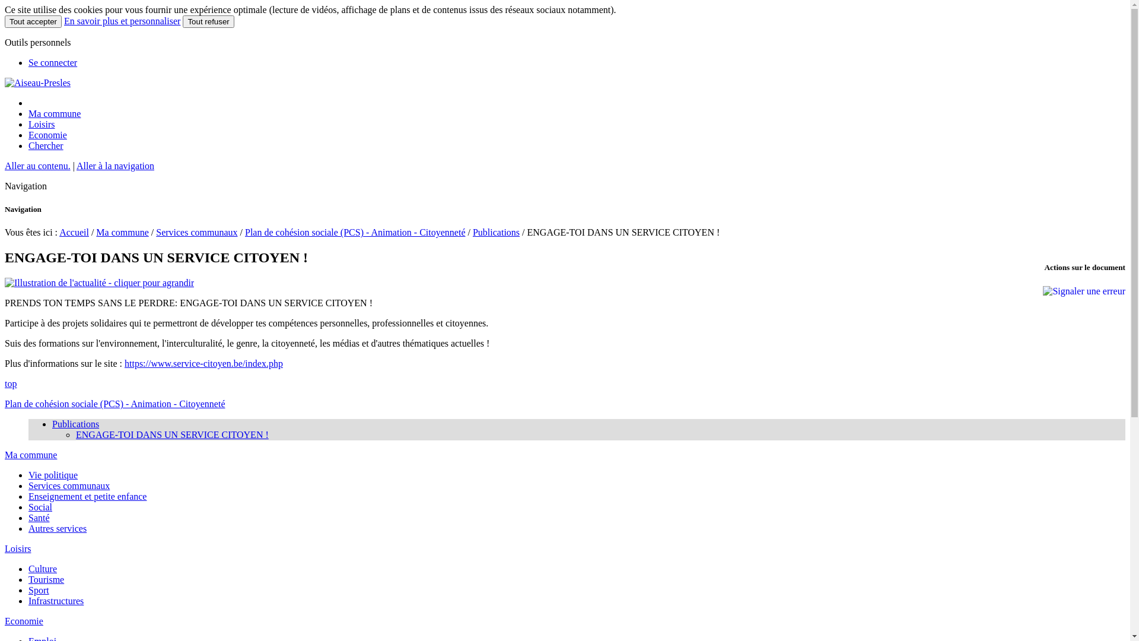 Image resolution: width=1139 pixels, height=641 pixels. Describe the element at coordinates (28, 601) in the screenshot. I see `'Infrastructures'` at that location.